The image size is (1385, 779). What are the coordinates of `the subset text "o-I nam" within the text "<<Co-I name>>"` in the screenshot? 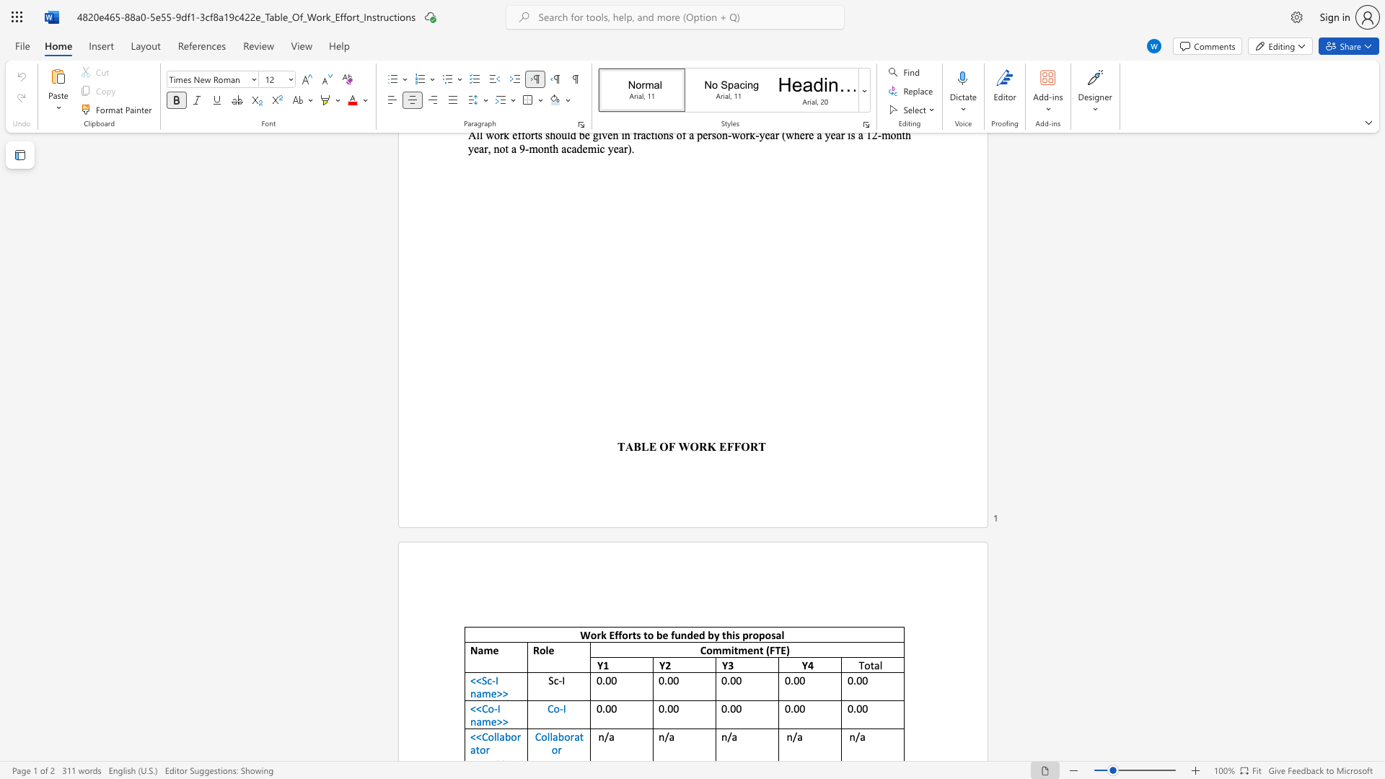 It's located at (488, 708).